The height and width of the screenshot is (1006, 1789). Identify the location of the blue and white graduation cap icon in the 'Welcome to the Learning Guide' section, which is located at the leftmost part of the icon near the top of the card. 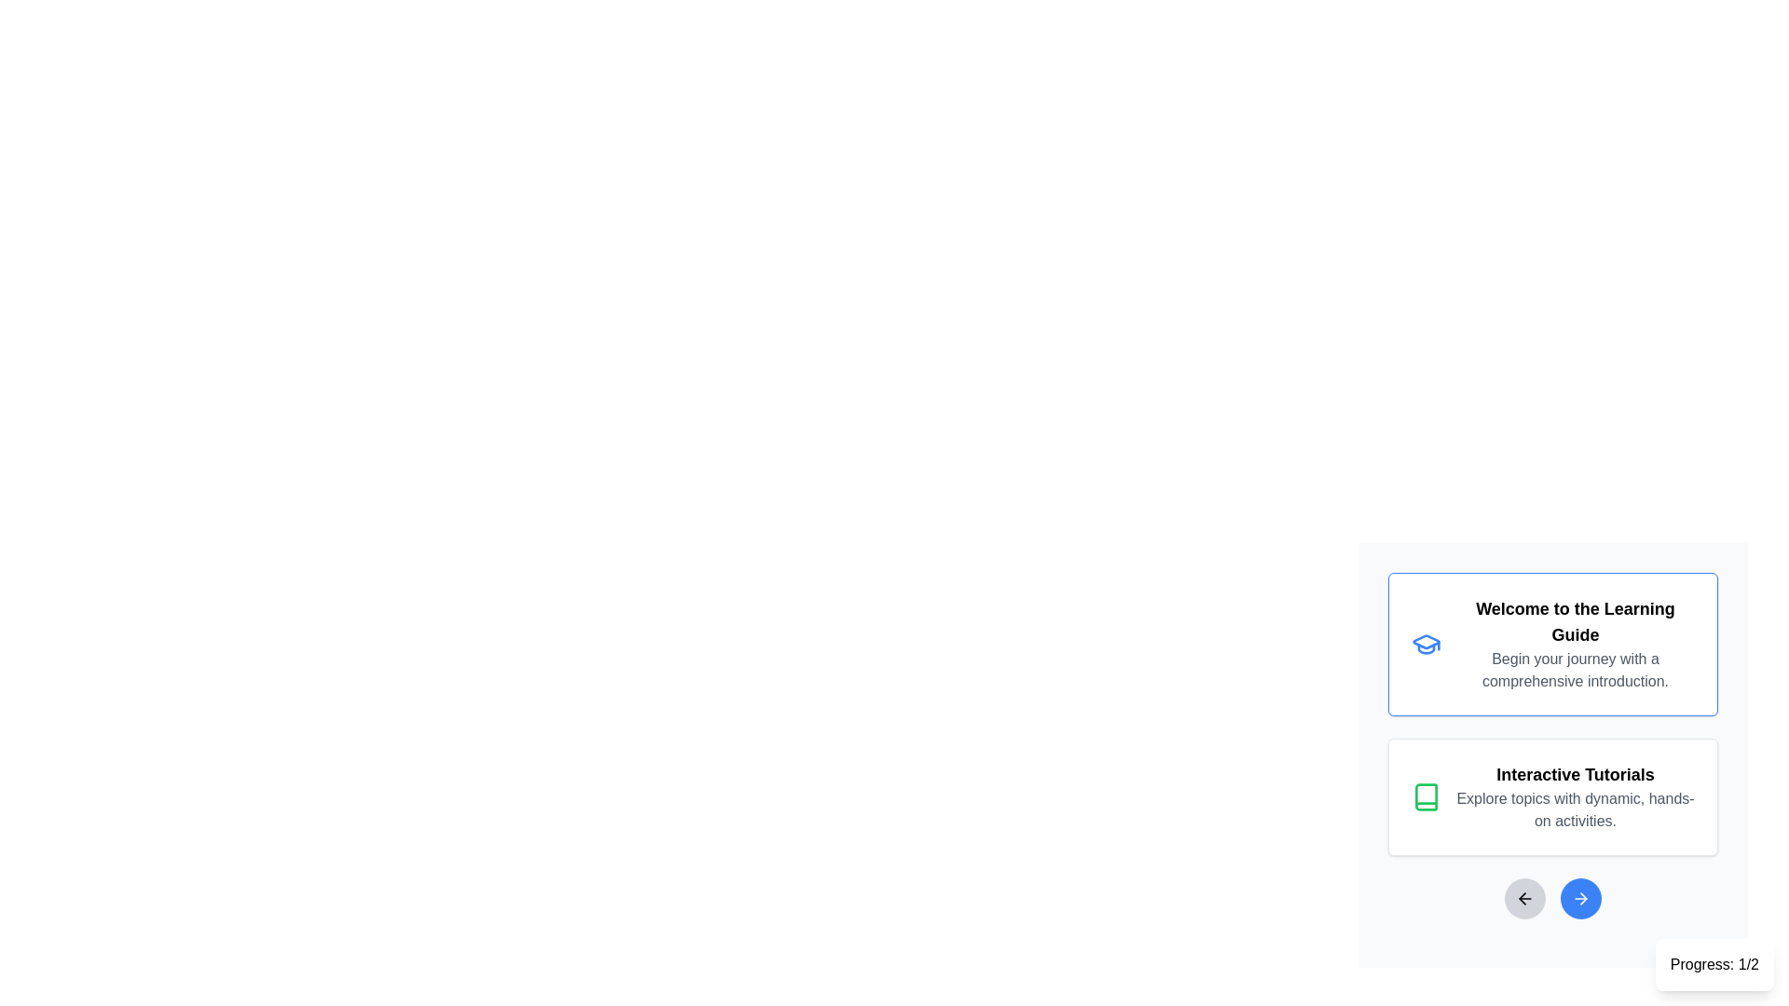
(1426, 641).